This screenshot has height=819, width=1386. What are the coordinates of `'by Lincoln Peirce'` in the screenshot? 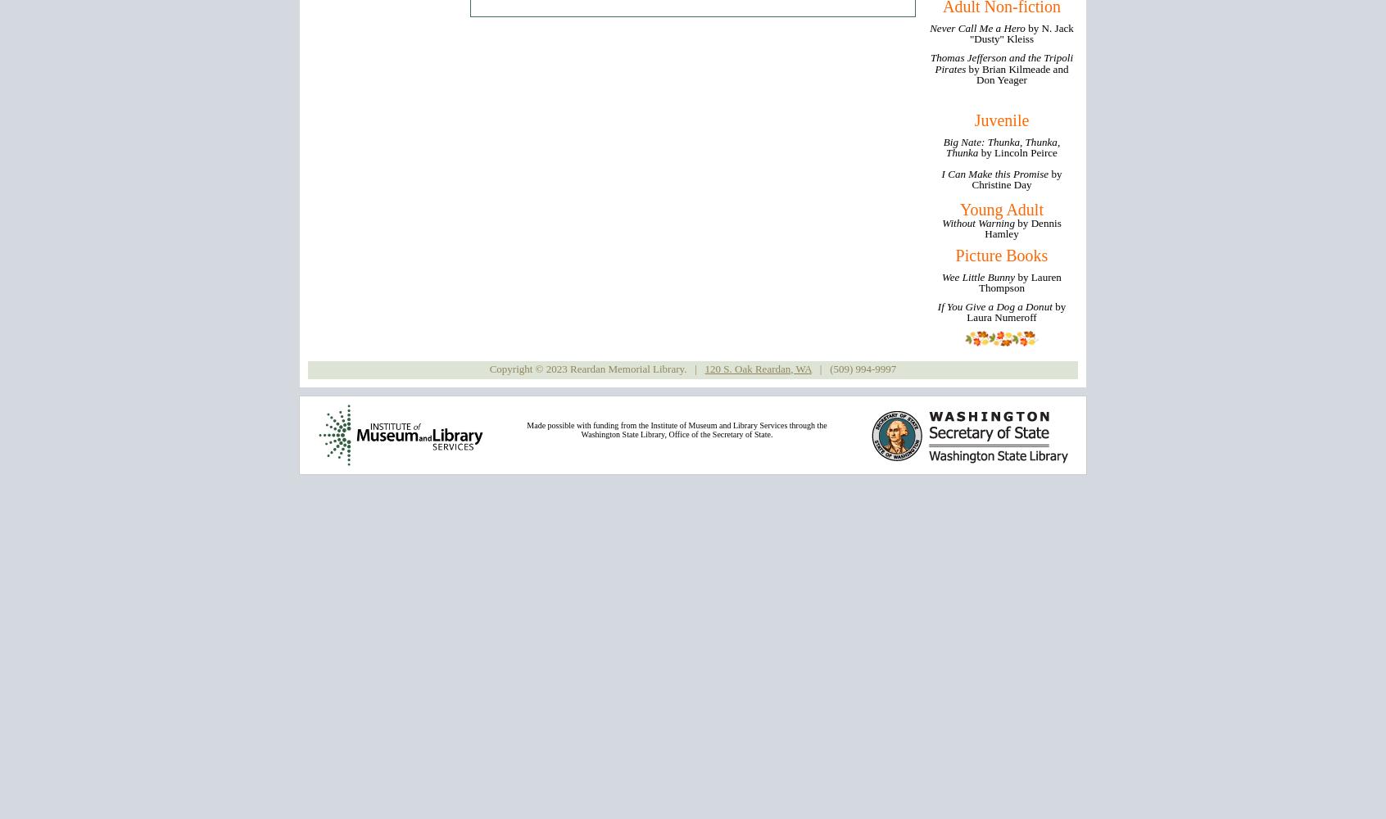 It's located at (1018, 152).